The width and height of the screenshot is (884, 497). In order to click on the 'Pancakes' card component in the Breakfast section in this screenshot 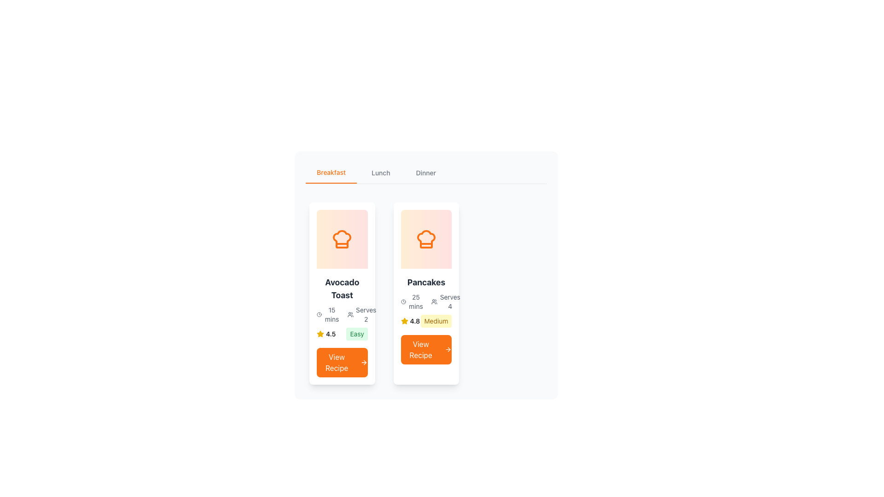, I will do `click(426, 274)`.